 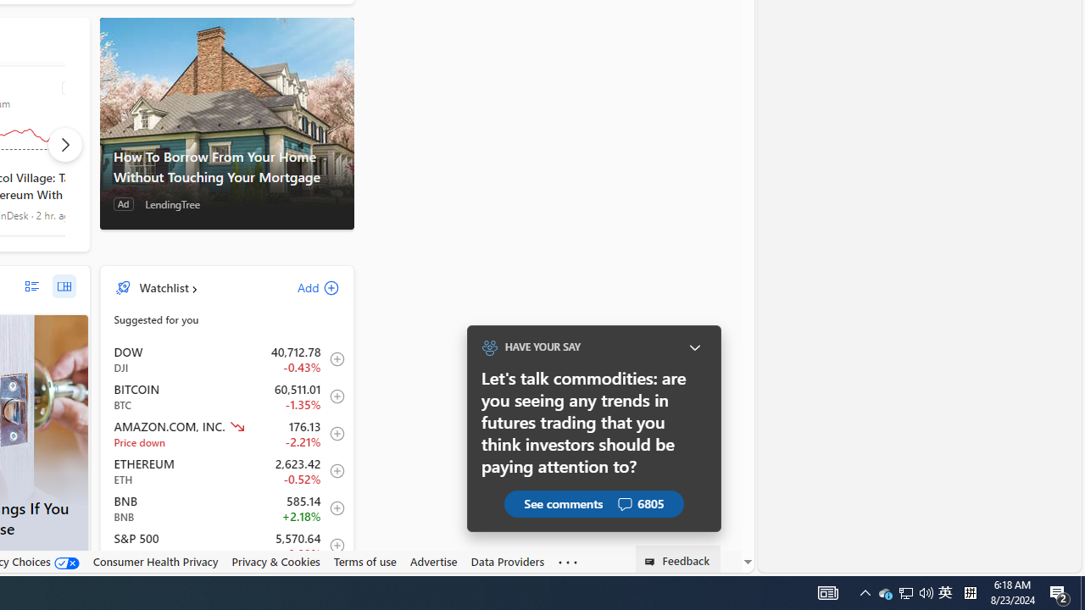 What do you see at coordinates (507, 562) in the screenshot?
I see `'Data Providers'` at bounding box center [507, 562].